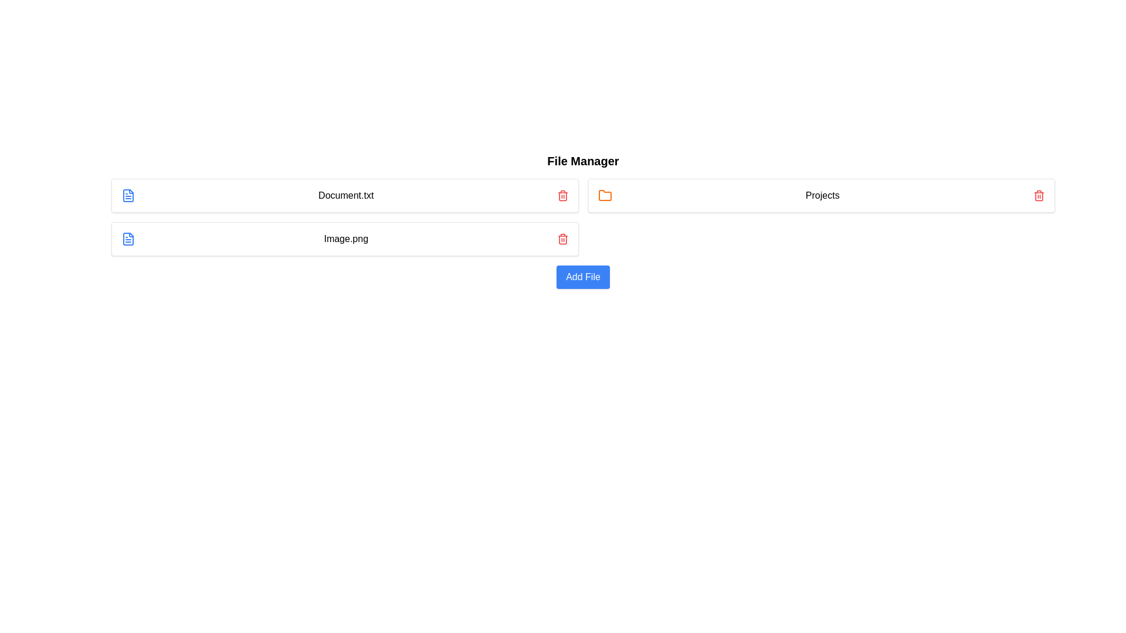 Image resolution: width=1126 pixels, height=633 pixels. What do you see at coordinates (562, 239) in the screenshot?
I see `the Icon button located to the right of the 'Image.png' file name` at bounding box center [562, 239].